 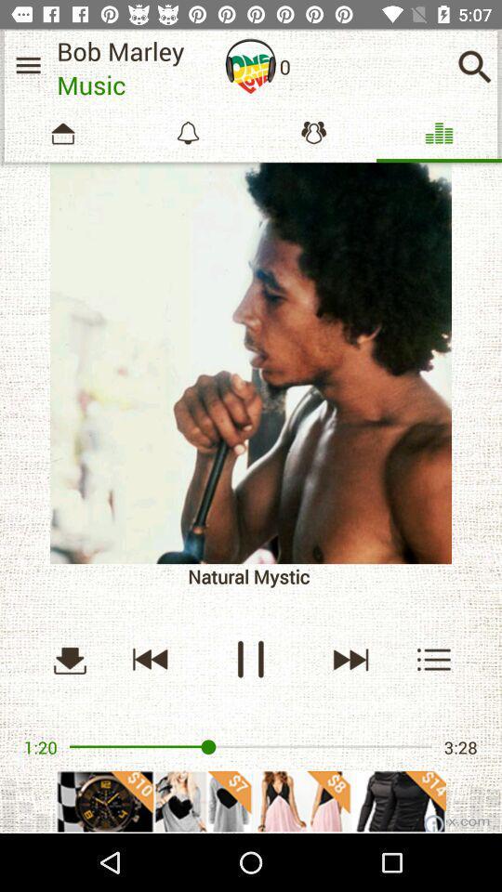 What do you see at coordinates (150, 659) in the screenshot?
I see `the av_rewind icon` at bounding box center [150, 659].